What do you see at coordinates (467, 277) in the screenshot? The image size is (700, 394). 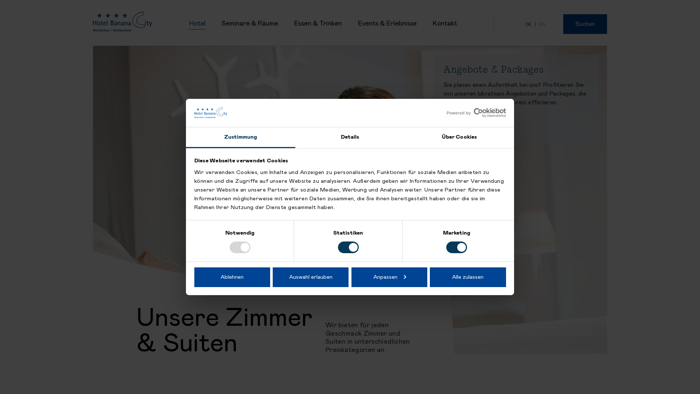 I see `'Alle zulassen'` at bounding box center [467, 277].